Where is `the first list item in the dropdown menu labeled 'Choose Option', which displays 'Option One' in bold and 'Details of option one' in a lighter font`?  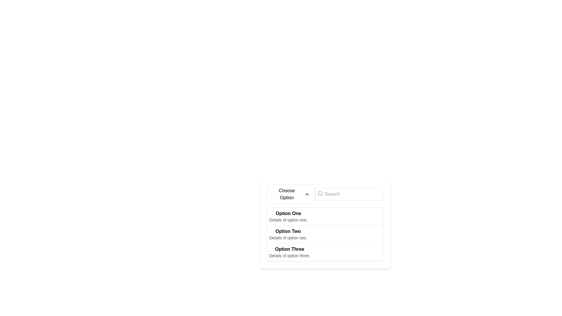 the first list item in the dropdown menu labeled 'Choose Option', which displays 'Option One' in bold and 'Details of option one' in a lighter font is located at coordinates (288, 217).